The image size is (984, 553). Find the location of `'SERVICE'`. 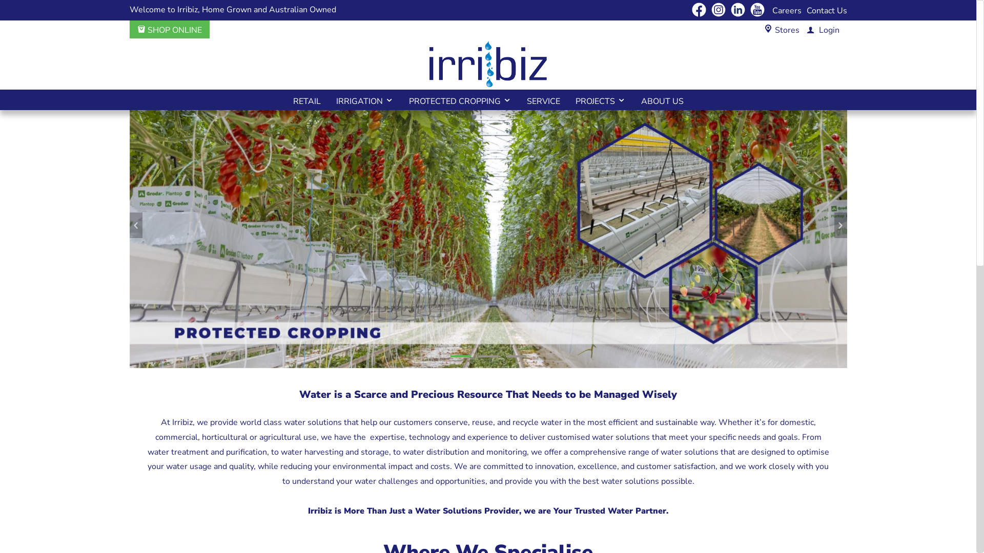

'SERVICE' is located at coordinates (542, 100).